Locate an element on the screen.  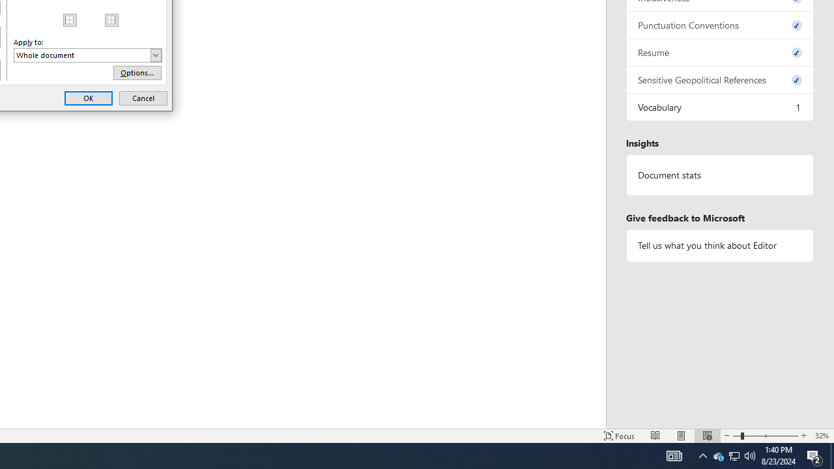
'Vocabulary, 1 issue. Press space or enter to review items.' is located at coordinates (719, 106).